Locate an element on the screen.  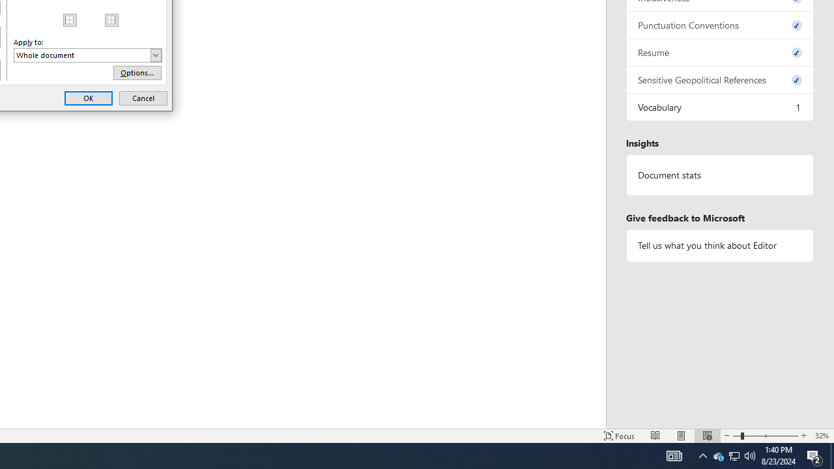
'Vocabulary, 1 issue. Press space or enter to review items.' is located at coordinates (719, 106).